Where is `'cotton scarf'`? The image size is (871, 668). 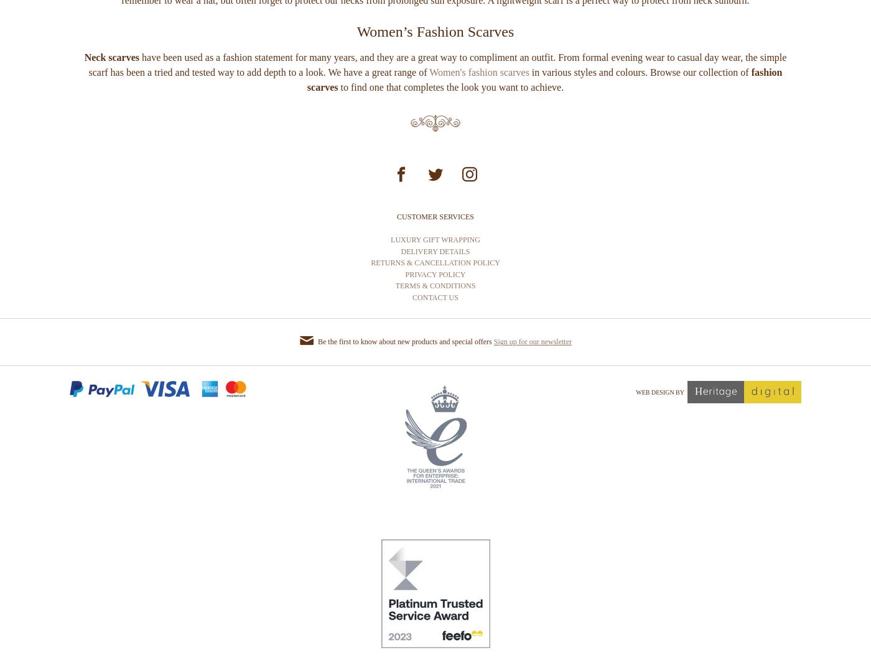 'cotton scarf' is located at coordinates (584, 16).